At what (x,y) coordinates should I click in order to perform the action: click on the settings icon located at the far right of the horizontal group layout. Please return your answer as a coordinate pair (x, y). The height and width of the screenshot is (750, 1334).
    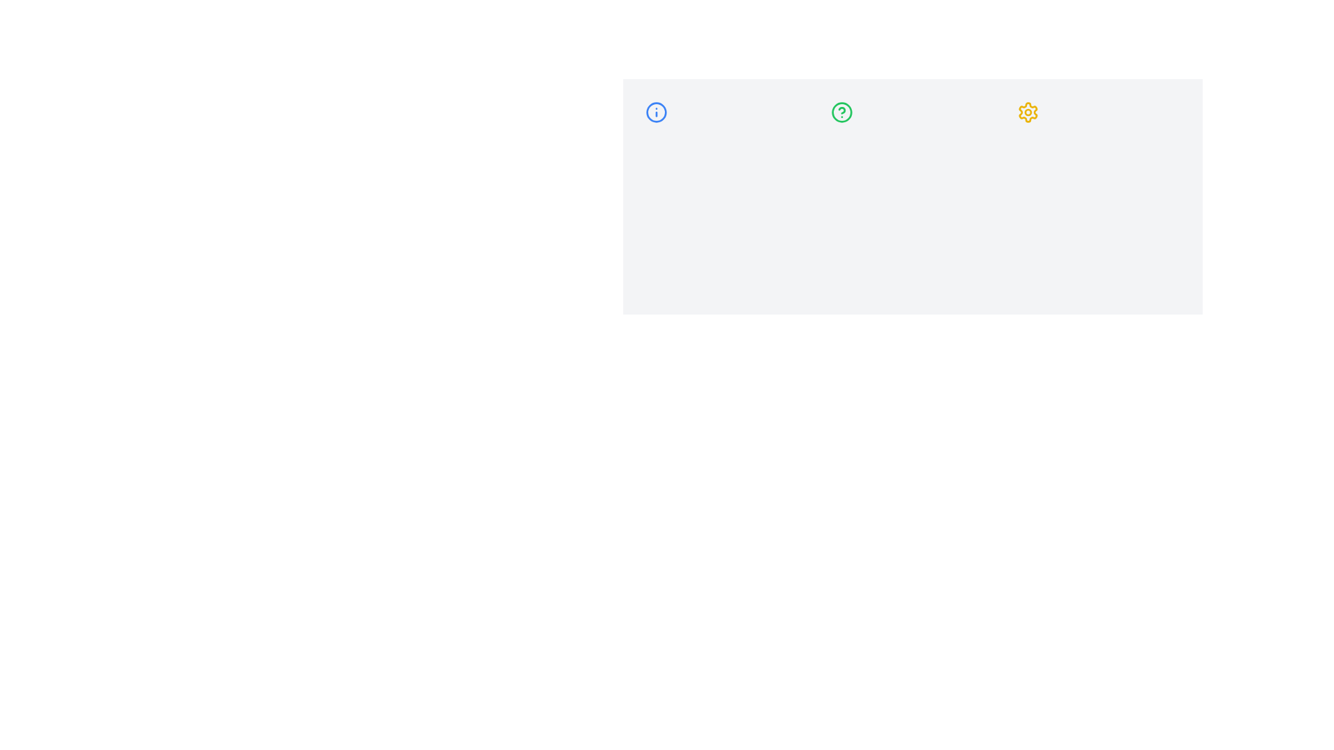
    Looking at the image, I should click on (1028, 112).